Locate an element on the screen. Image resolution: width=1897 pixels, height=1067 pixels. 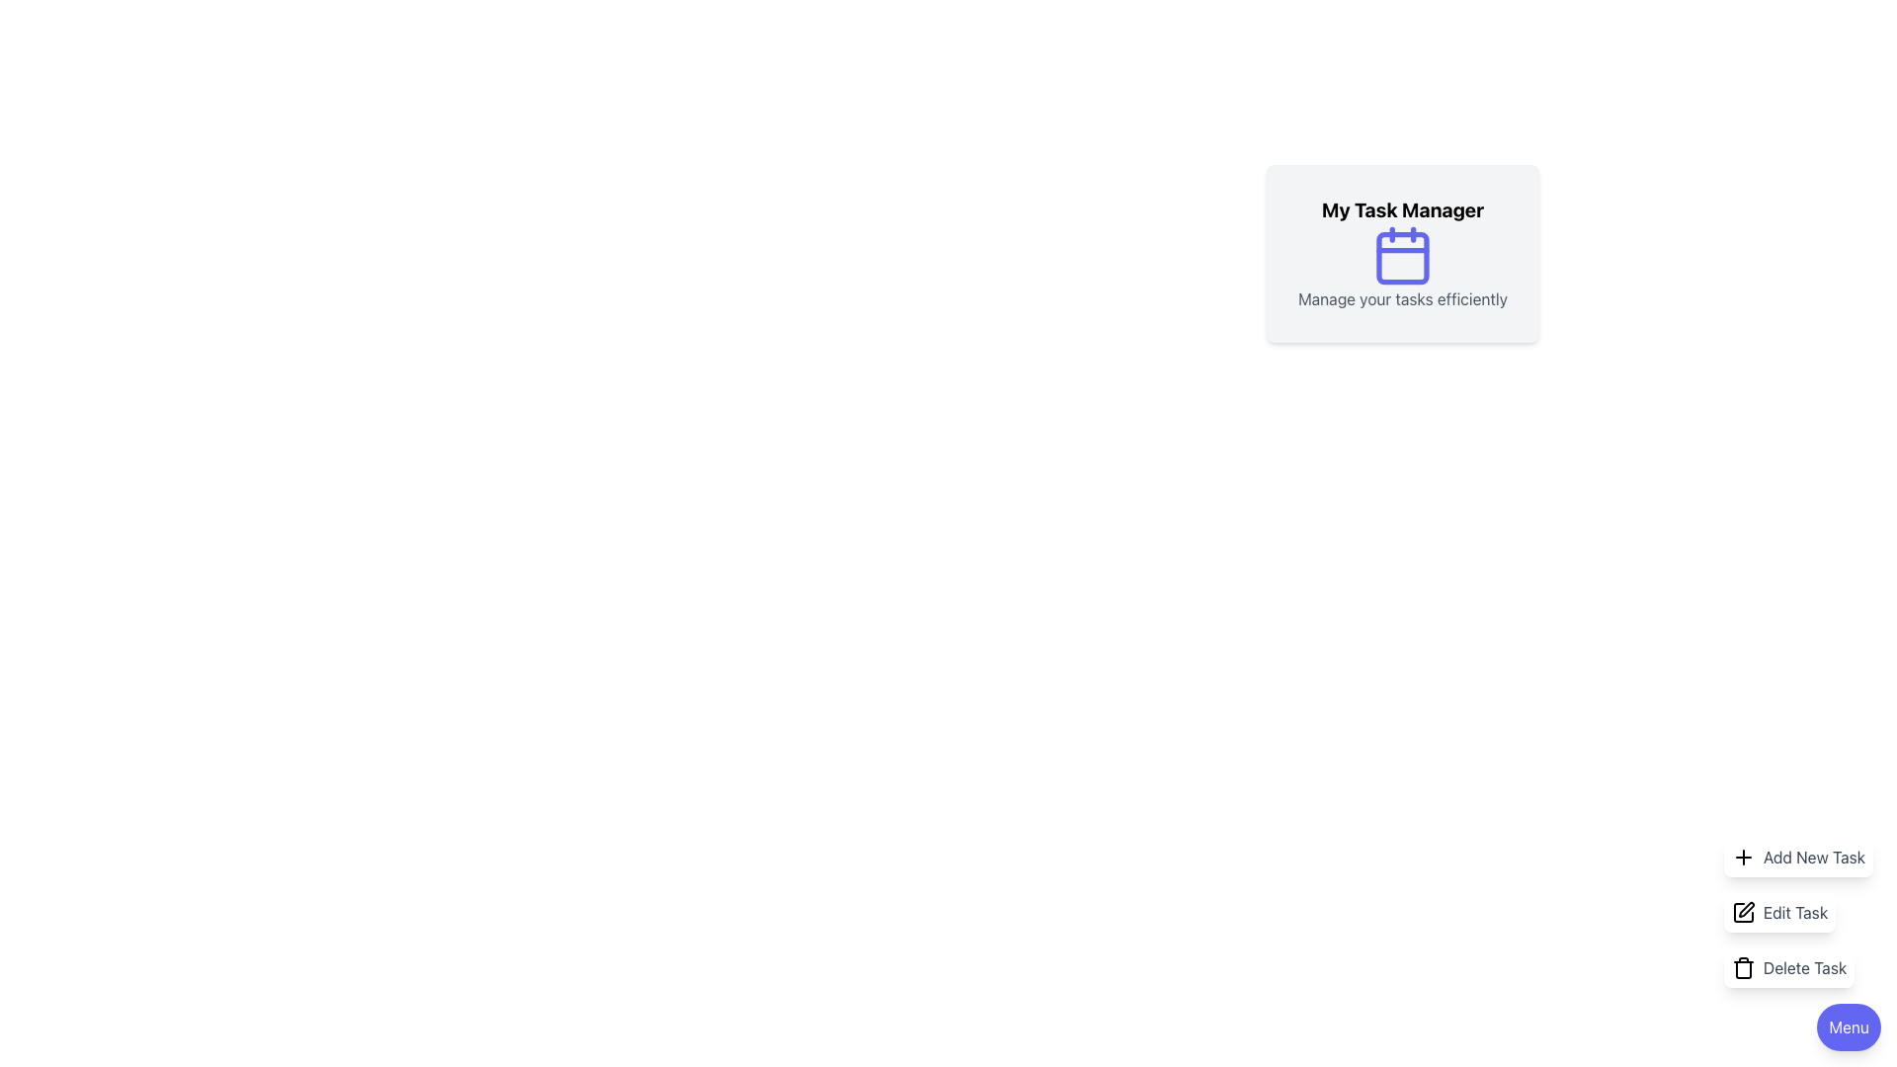
the Information card titled 'My Task Manager' which is located in the upper-right region of the application layout is located at coordinates (1402, 253).